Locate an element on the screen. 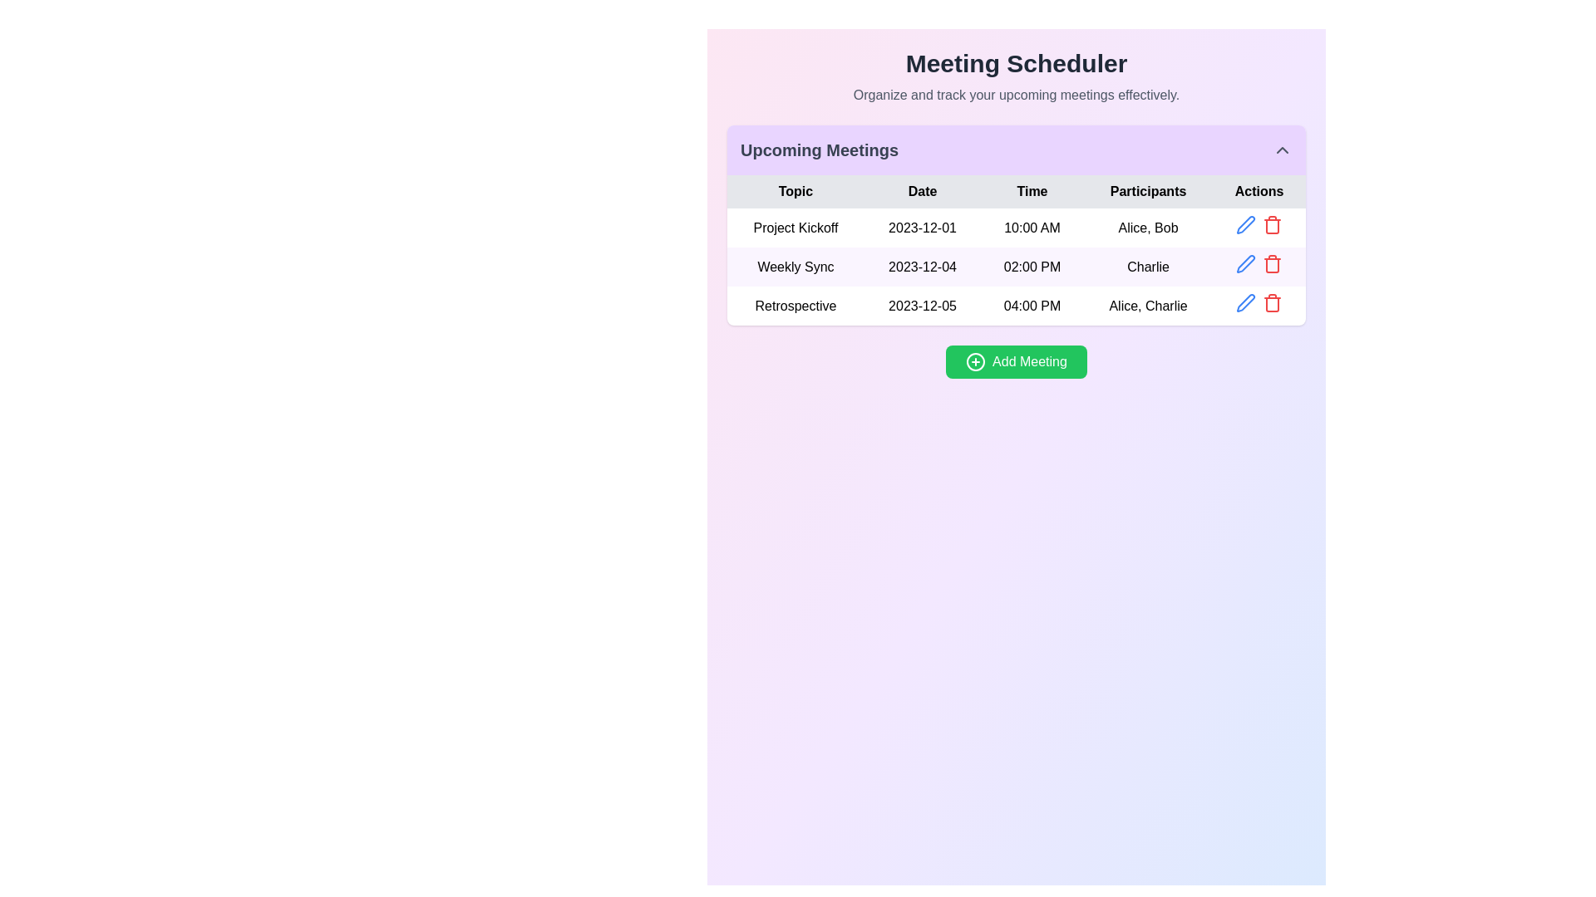 This screenshot has height=897, width=1596. the descriptive subtitle text located beneath the title 'Meeting Scheduler' in the header section of the meeting scheduler interface is located at coordinates (1016, 96).